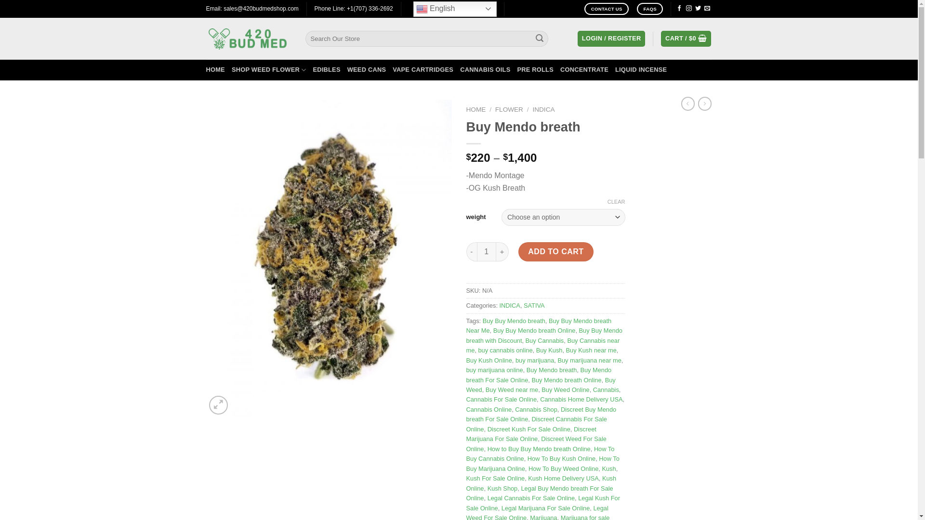 This screenshot has height=520, width=925. What do you see at coordinates (326, 69) in the screenshot?
I see `'EDIBLES'` at bounding box center [326, 69].